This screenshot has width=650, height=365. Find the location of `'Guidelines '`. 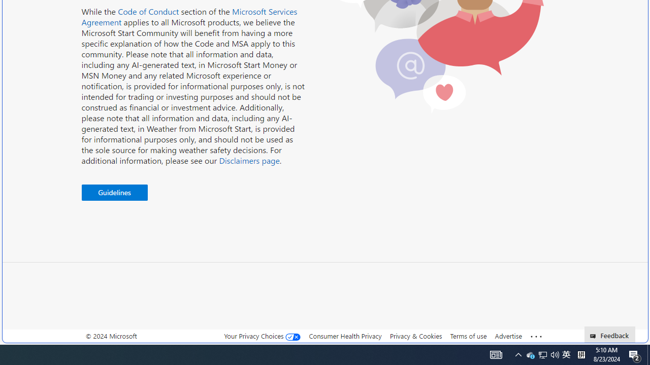

'Guidelines ' is located at coordinates (114, 193).